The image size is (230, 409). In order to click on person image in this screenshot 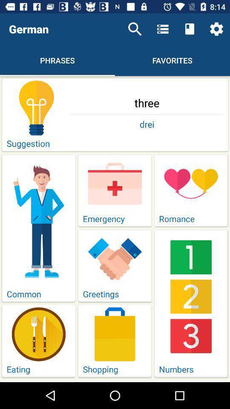, I will do `click(38, 221)`.